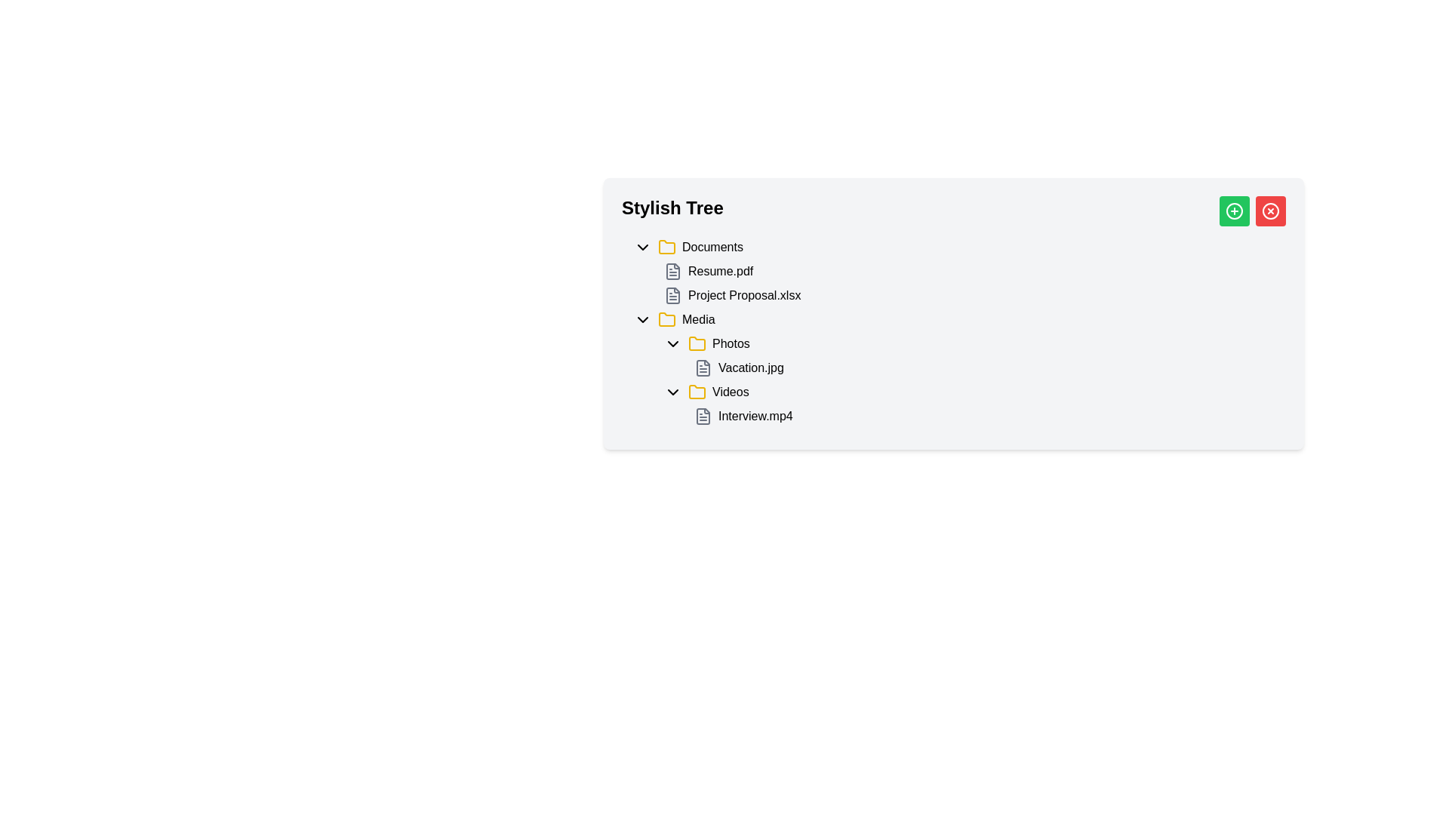 The width and height of the screenshot is (1449, 815). Describe the element at coordinates (697, 392) in the screenshot. I see `the yellow folder icon with rounded edges located next to the 'Videos' label in the 'Media' section` at that location.